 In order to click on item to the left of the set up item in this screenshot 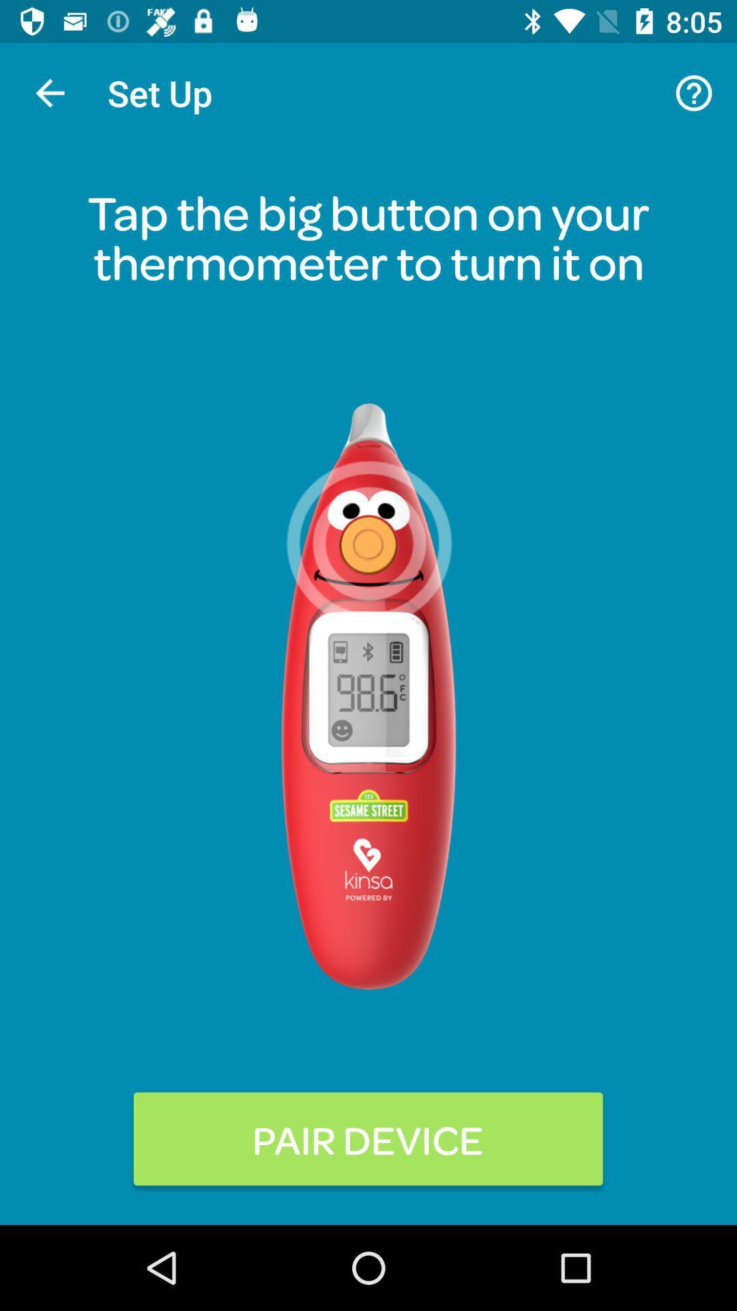, I will do `click(49, 92)`.